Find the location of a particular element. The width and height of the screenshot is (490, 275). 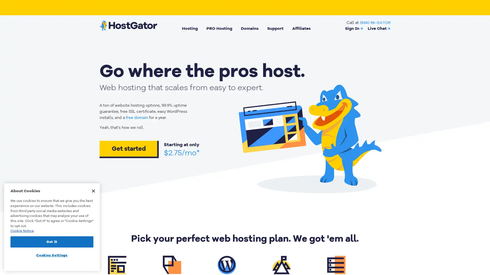

Got It is located at coordinates (52, 241).